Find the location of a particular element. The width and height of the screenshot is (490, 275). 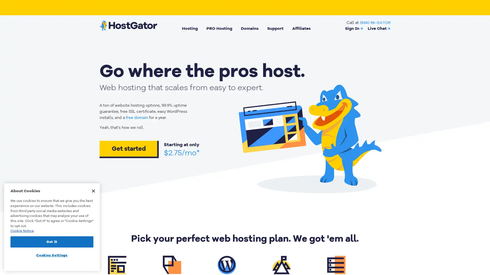

Got It is located at coordinates (52, 241).